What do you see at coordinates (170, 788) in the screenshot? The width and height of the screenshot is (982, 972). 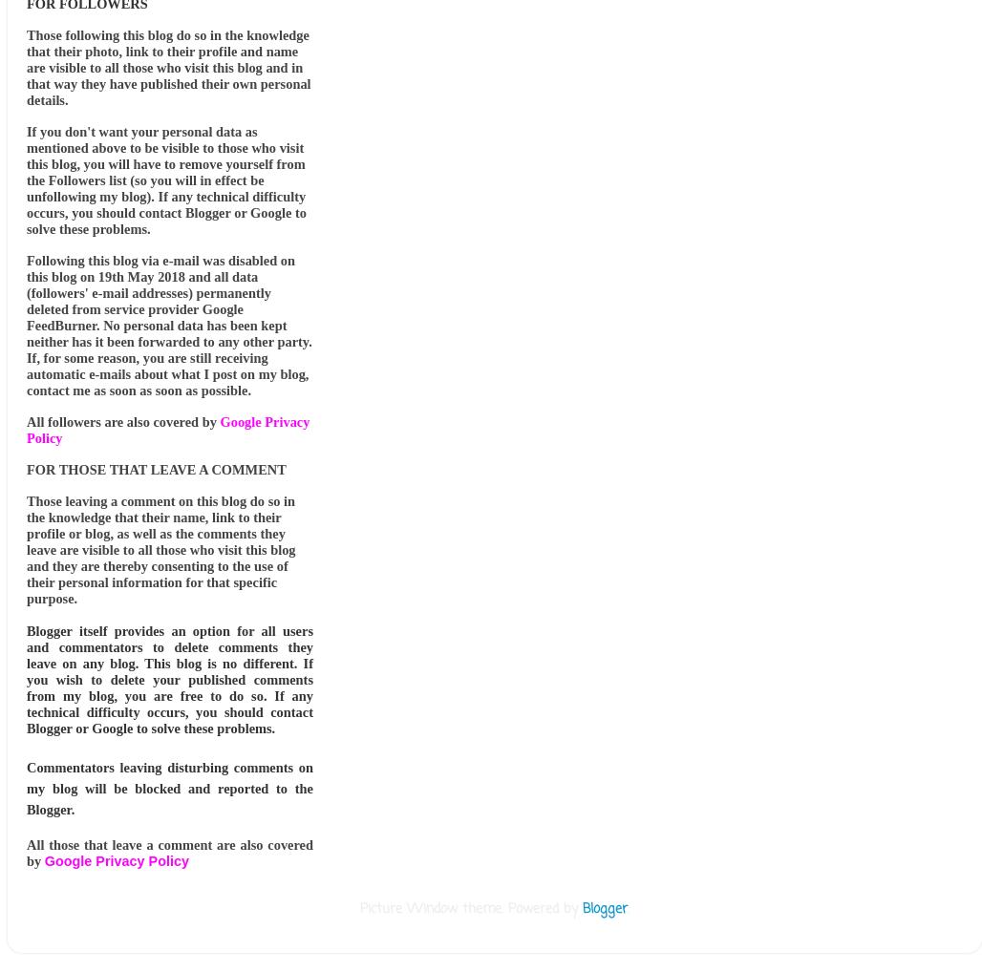 I see `'Commentators leaving disturbing comments on my blog will be blocked and reported to the Blogger.'` at bounding box center [170, 788].